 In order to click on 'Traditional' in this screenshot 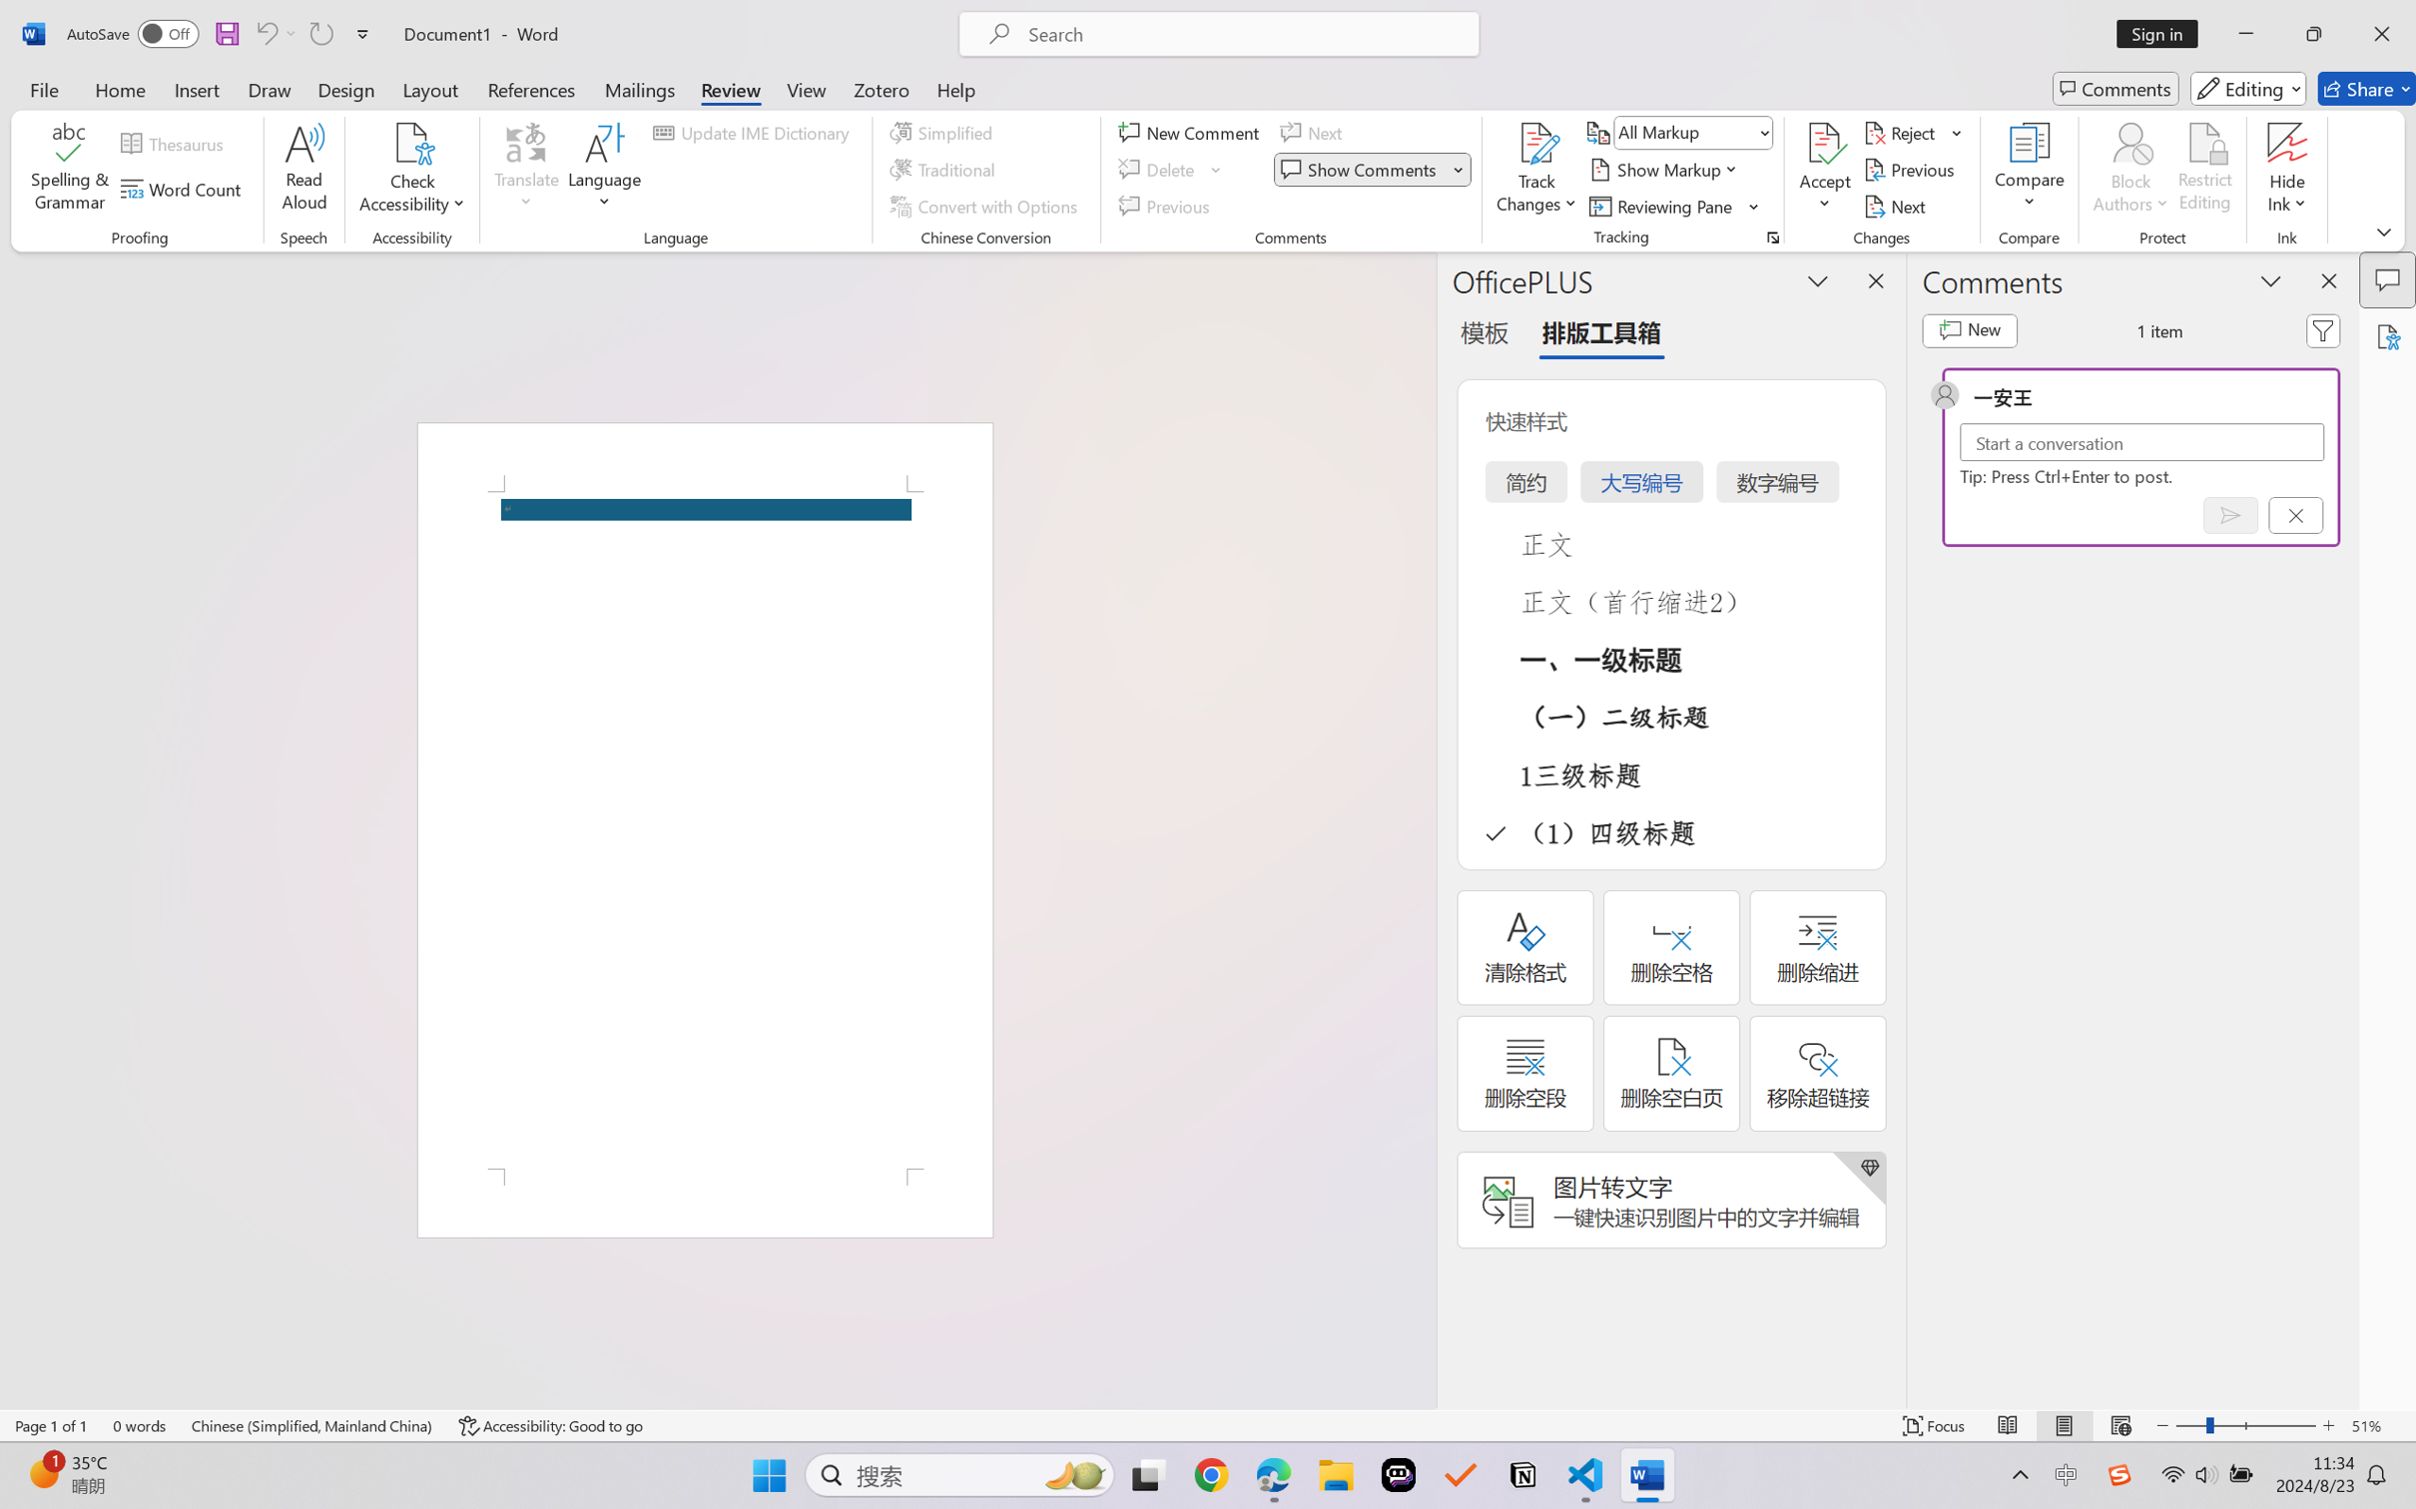, I will do `click(944, 170)`.